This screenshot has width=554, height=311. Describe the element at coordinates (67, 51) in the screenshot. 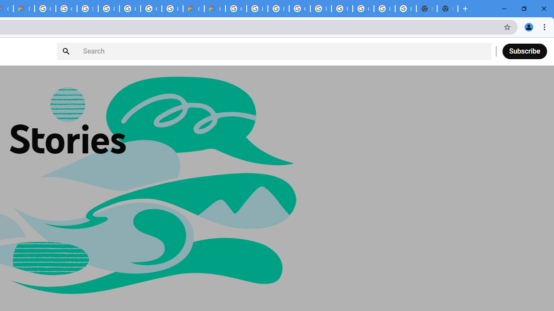

I see `'Submit Search'` at that location.